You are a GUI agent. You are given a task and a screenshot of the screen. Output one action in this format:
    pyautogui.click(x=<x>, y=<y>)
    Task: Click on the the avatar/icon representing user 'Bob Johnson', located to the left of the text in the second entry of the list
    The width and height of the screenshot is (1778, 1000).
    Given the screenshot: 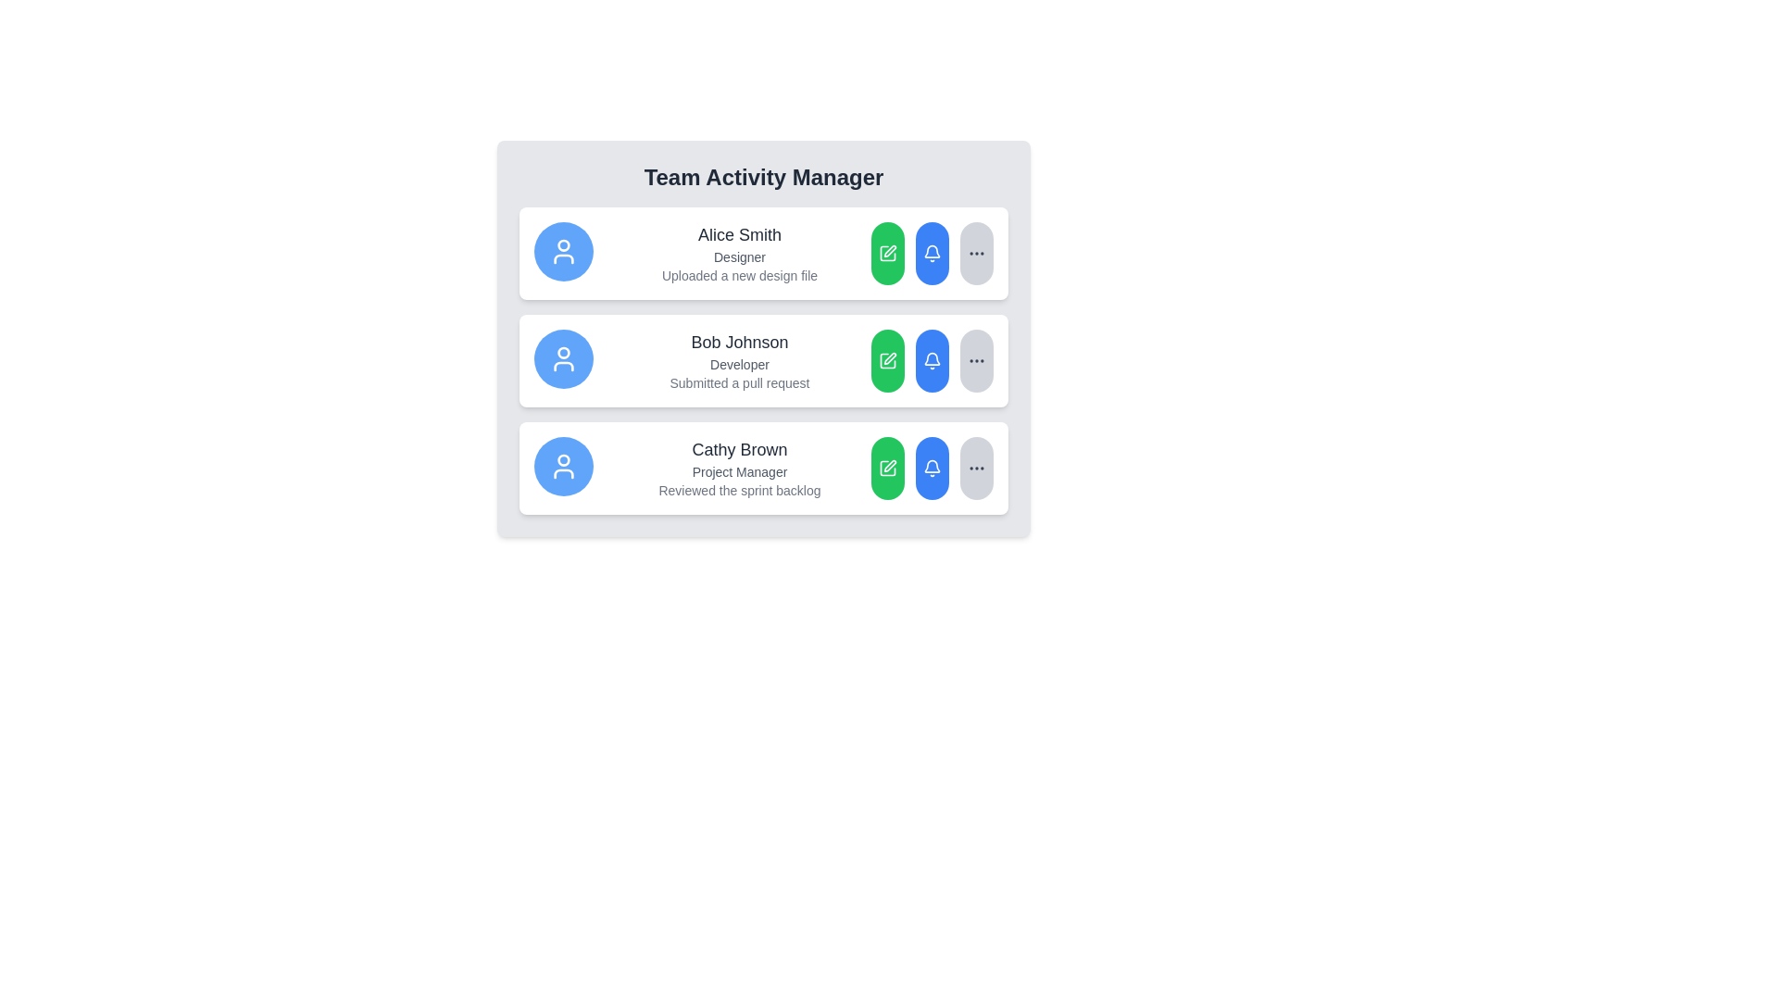 What is the action you would take?
    pyautogui.click(x=563, y=359)
    